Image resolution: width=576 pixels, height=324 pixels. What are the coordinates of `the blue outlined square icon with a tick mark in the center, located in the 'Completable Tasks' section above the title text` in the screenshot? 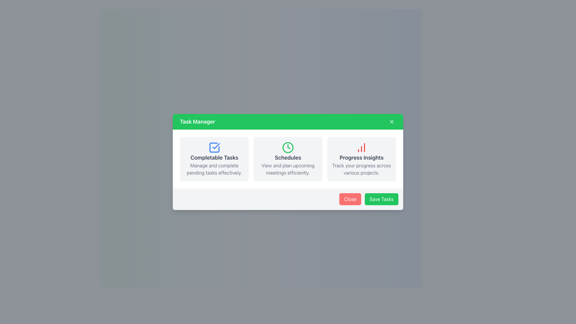 It's located at (214, 148).